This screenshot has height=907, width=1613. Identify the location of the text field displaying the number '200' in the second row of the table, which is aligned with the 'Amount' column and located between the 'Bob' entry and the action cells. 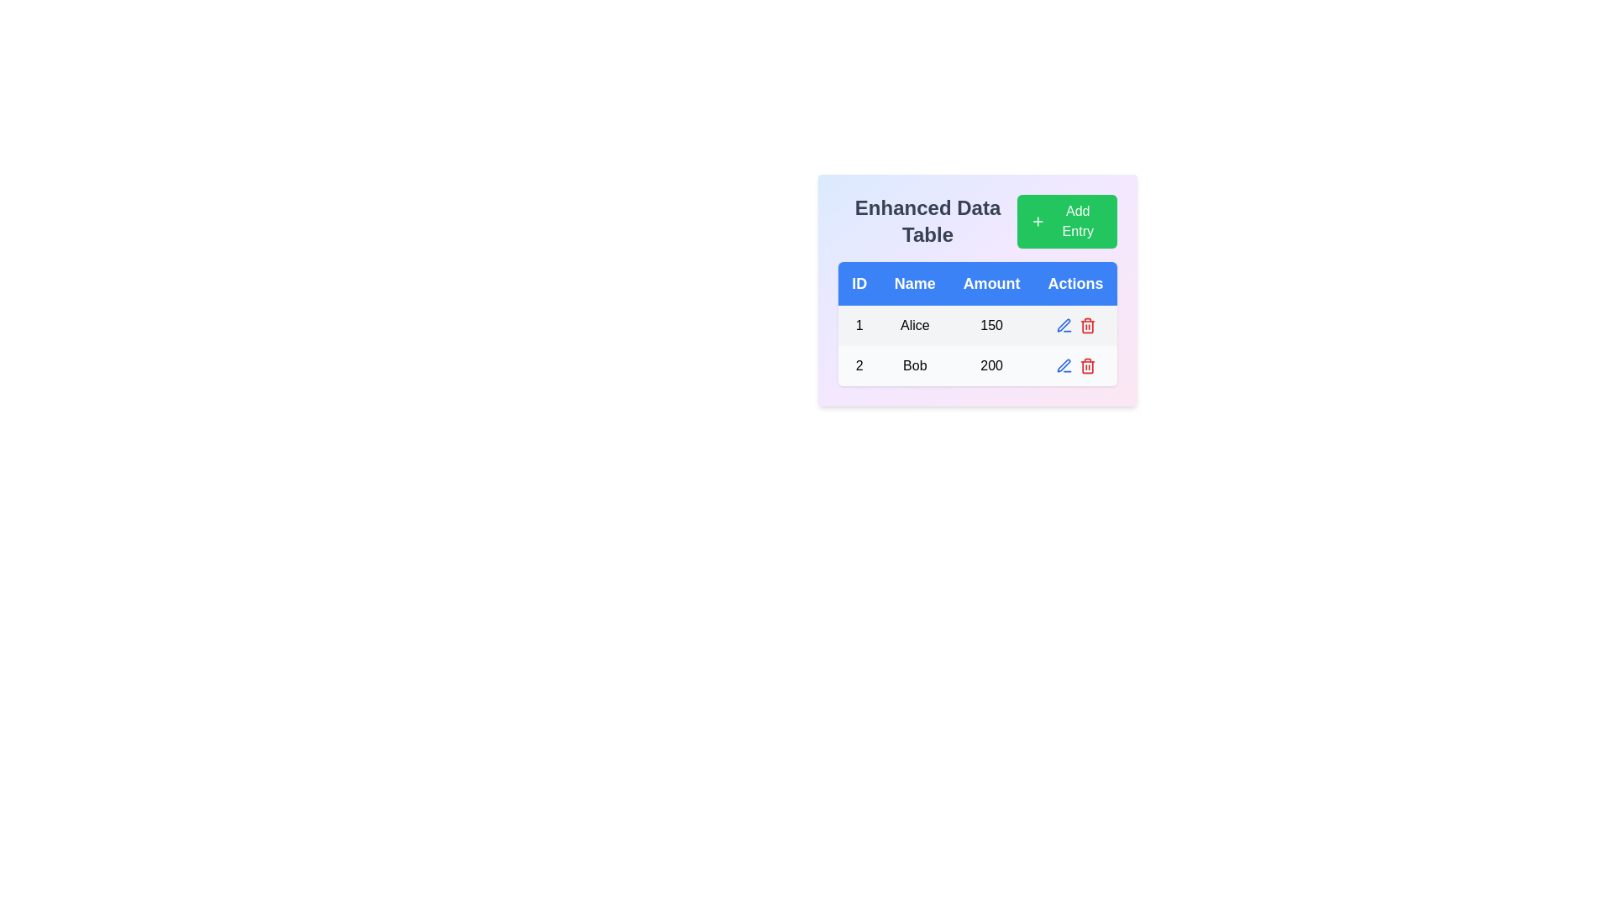
(991, 364).